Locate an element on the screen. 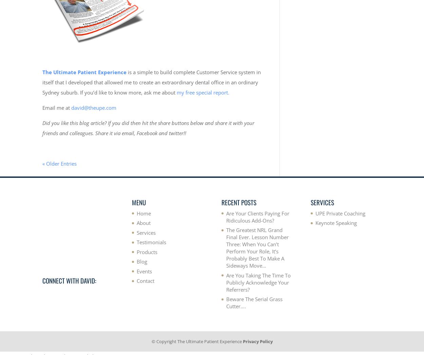  'Contact' is located at coordinates (136, 280).